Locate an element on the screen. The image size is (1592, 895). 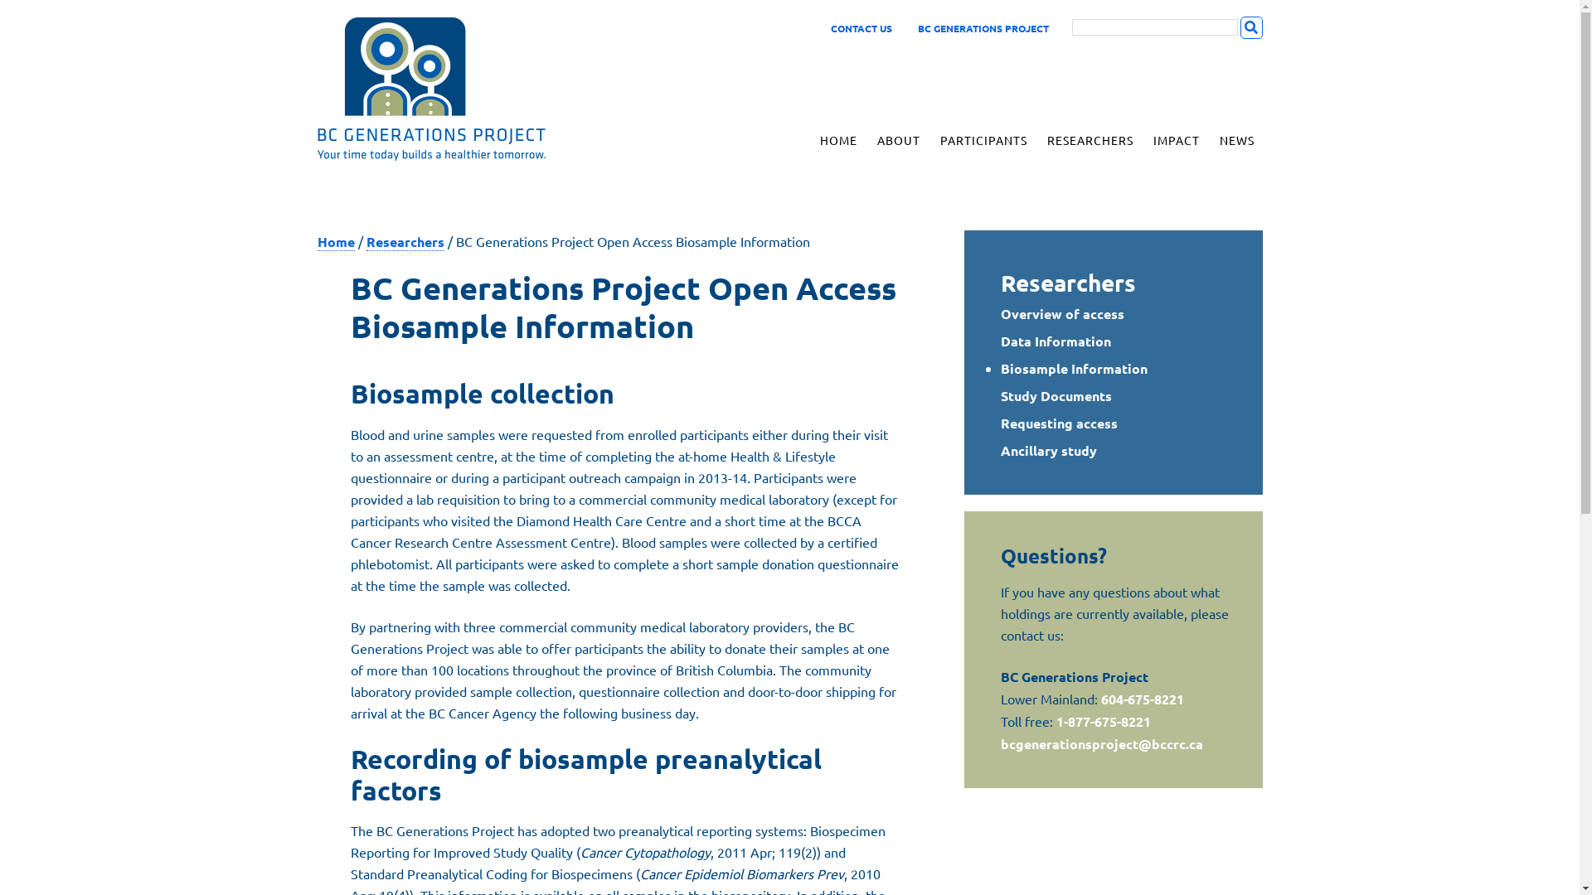
'1-877-675-8221' is located at coordinates (1103, 720).